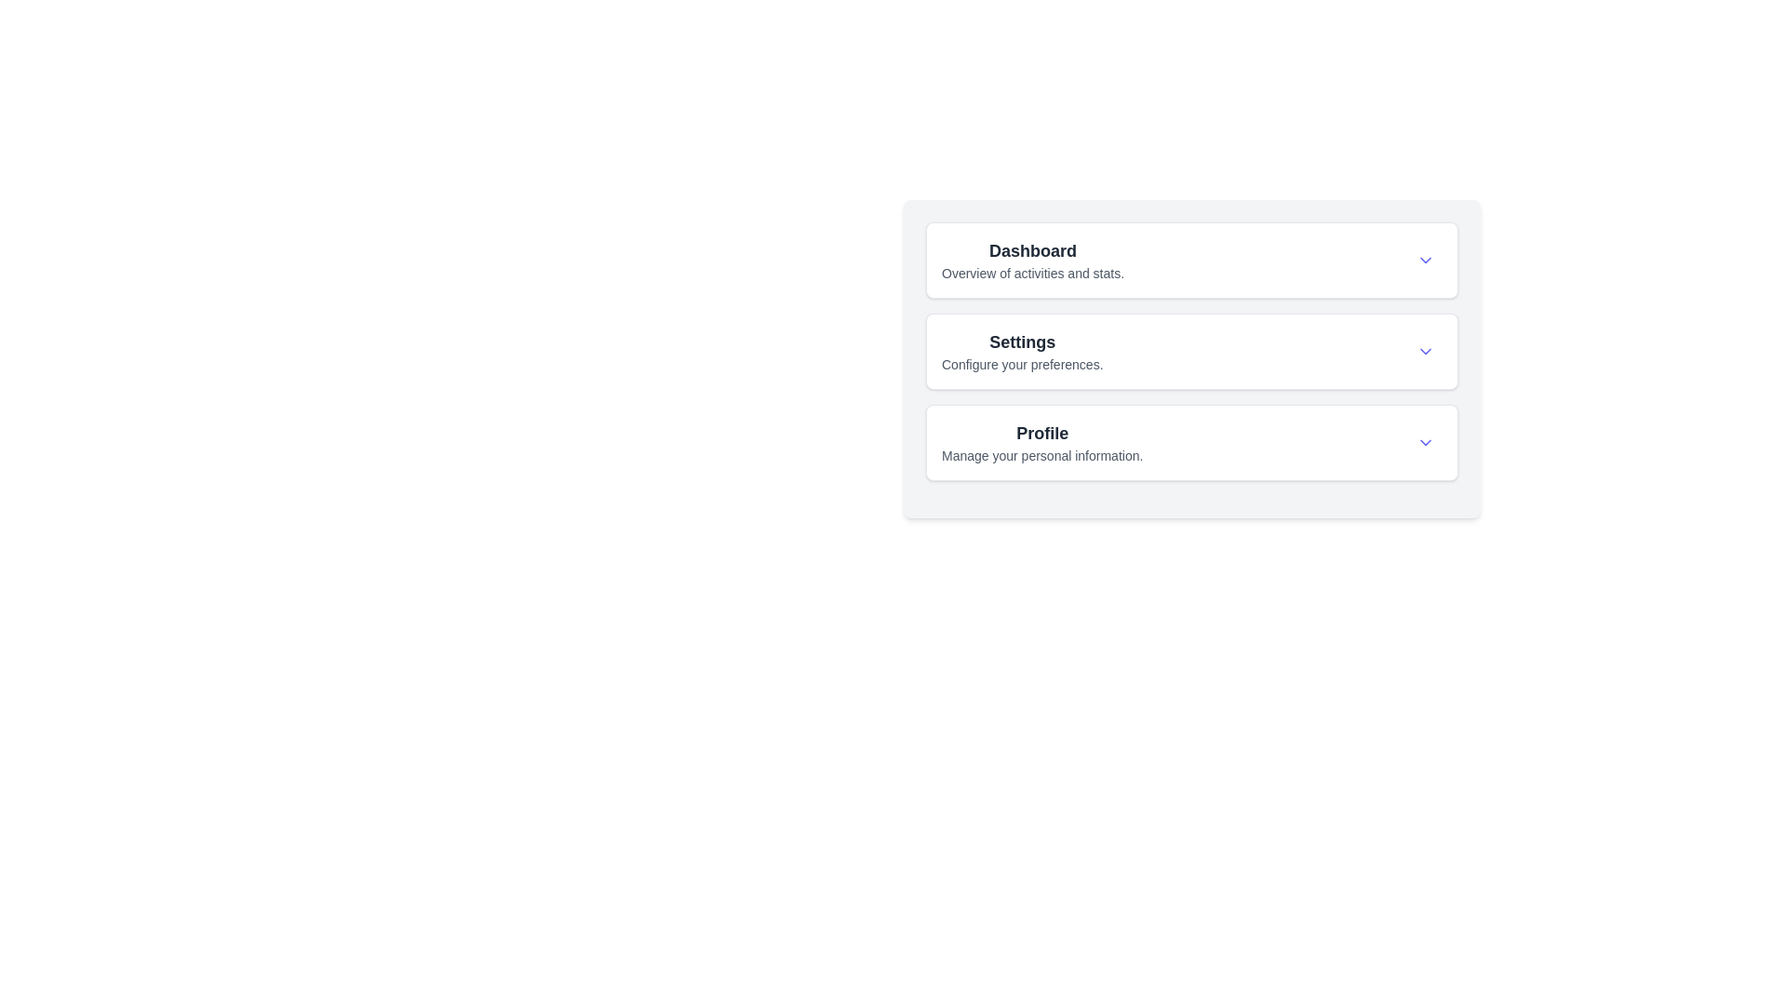 The height and width of the screenshot is (1005, 1787). What do you see at coordinates (1424, 261) in the screenshot?
I see `the downward-facing chevron icon, styled with a blue hue, located on the far right side of the 'Dashboard' section` at bounding box center [1424, 261].